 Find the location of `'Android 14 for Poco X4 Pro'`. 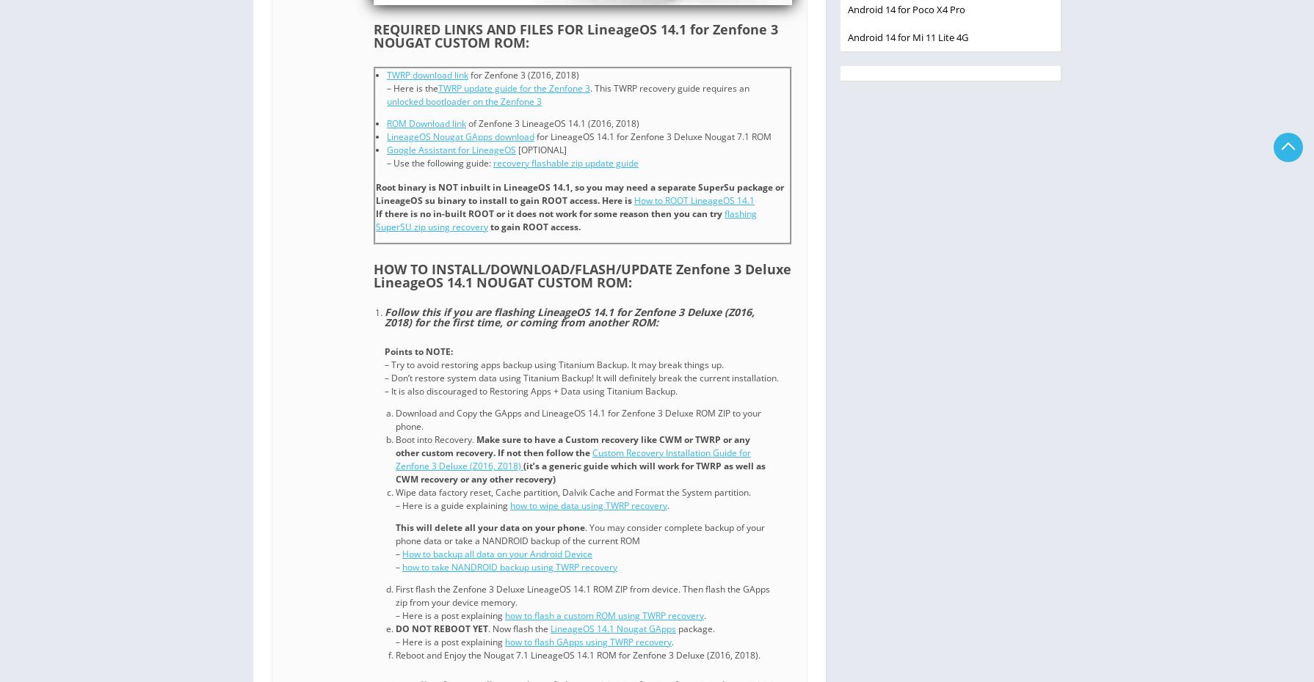

'Android 14 for Poco X4 Pro' is located at coordinates (848, 7).